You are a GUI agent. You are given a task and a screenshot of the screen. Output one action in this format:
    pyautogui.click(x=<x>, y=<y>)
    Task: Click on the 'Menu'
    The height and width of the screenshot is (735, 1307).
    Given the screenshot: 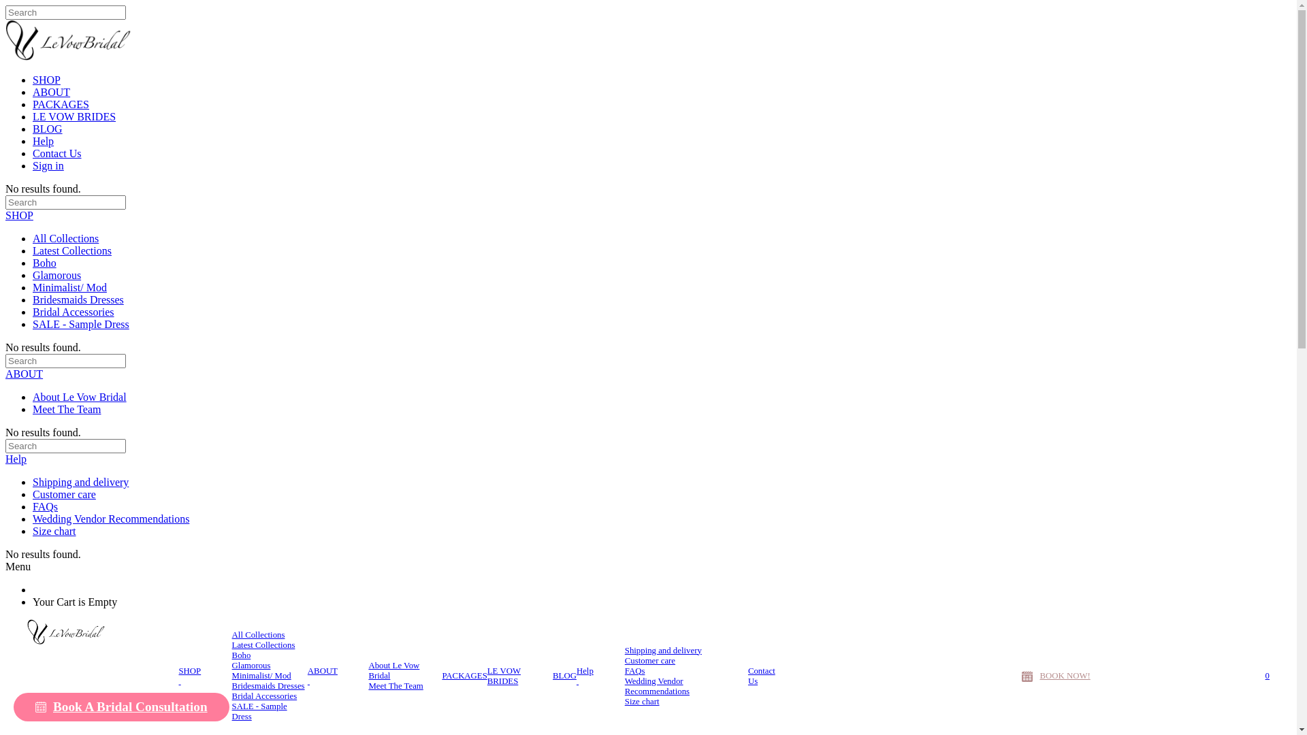 What is the action you would take?
    pyautogui.click(x=18, y=566)
    